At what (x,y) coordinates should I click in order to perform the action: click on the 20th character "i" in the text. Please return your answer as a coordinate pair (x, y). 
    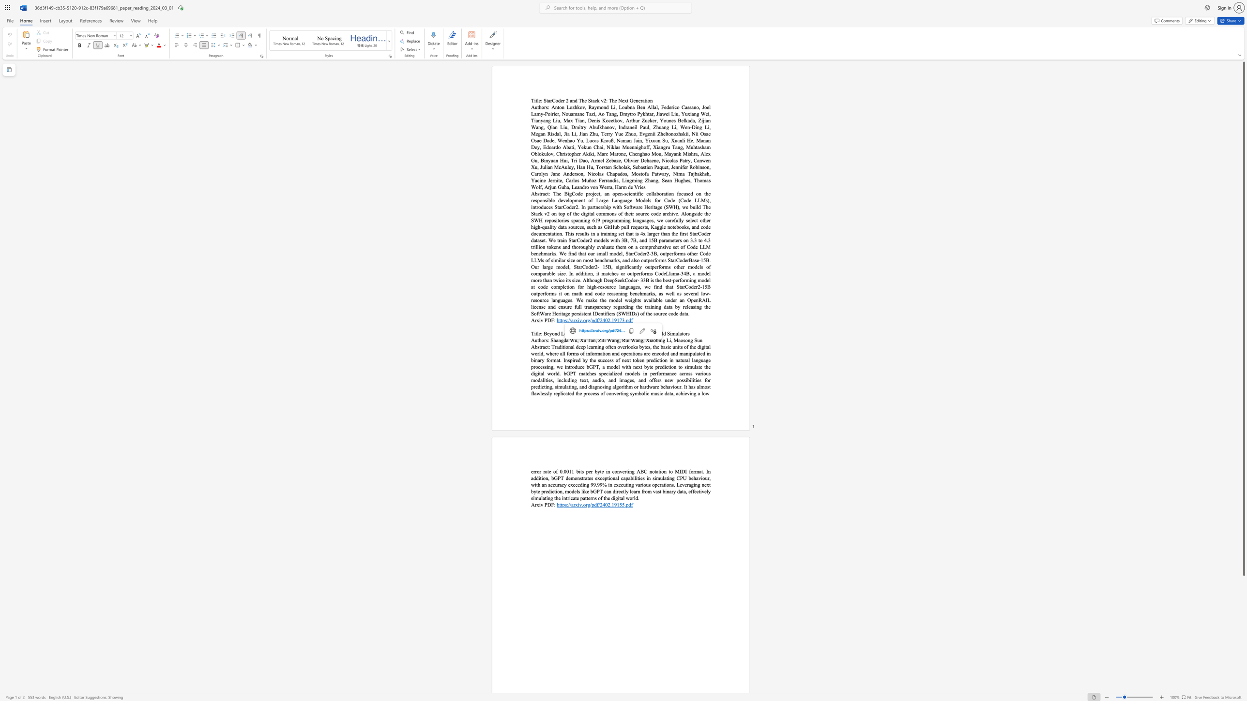
    Looking at the image, I should click on (626, 366).